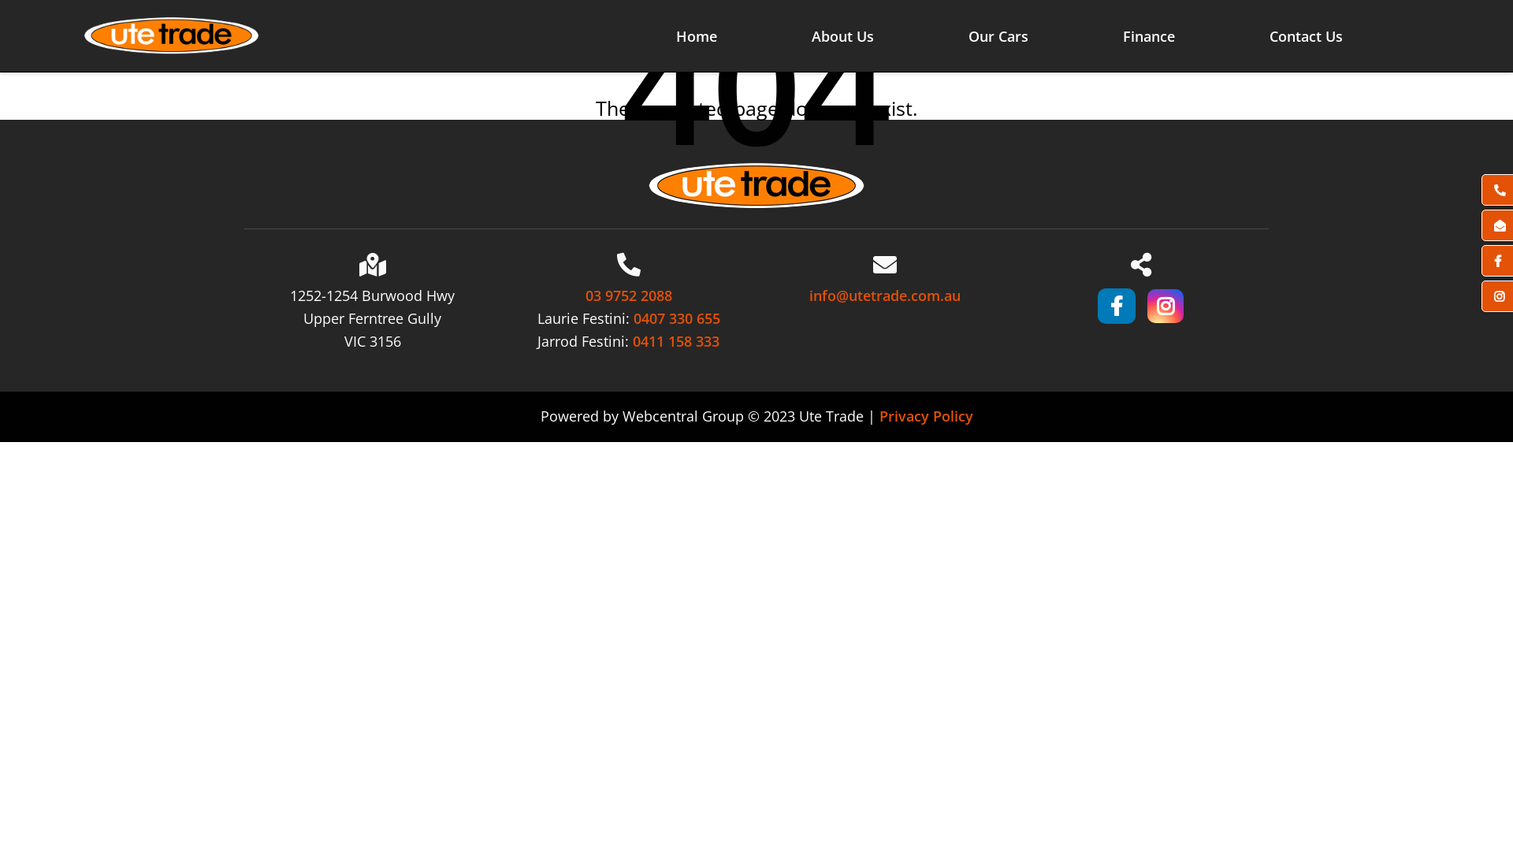  I want to click on 'About Us', so click(842, 35).